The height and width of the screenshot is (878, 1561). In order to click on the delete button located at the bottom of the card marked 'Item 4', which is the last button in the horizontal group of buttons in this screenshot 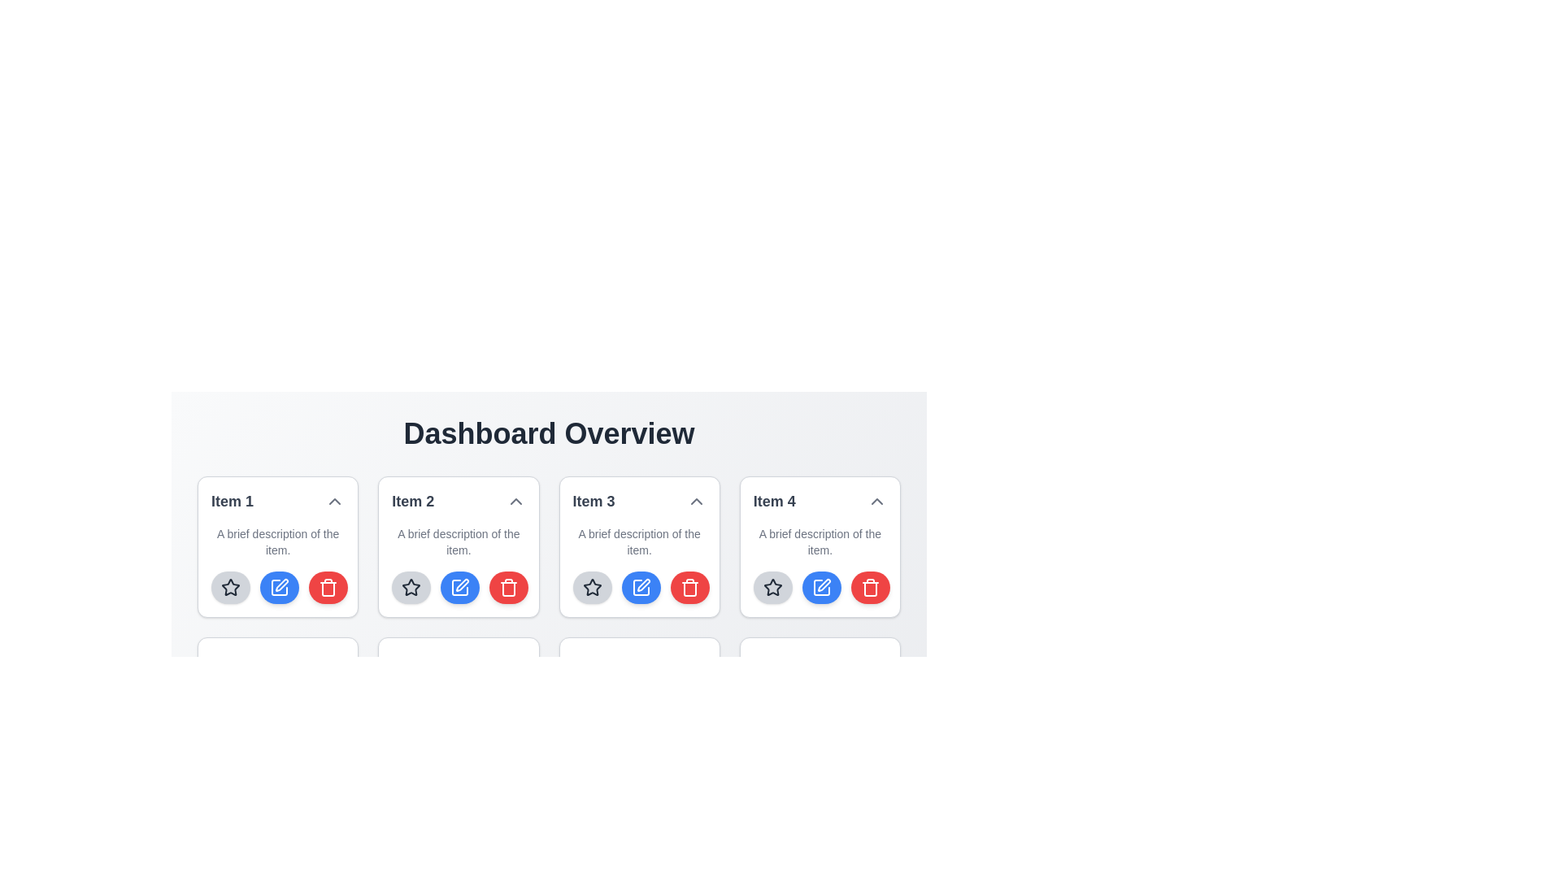, I will do `click(327, 749)`.